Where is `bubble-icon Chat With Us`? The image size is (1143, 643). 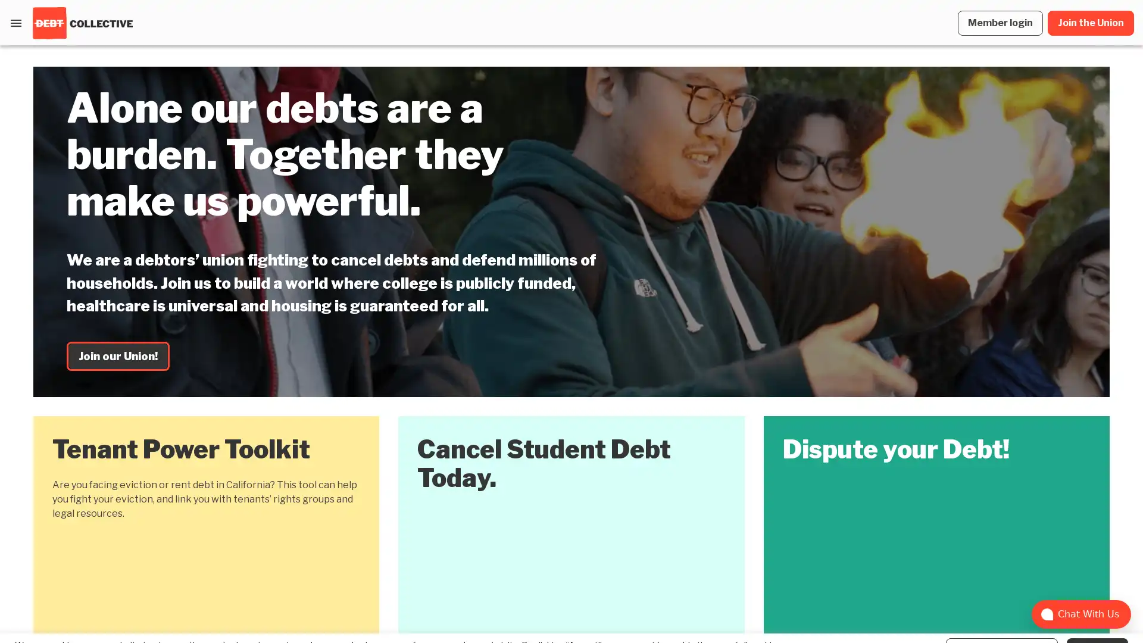 bubble-icon Chat With Us is located at coordinates (1081, 614).